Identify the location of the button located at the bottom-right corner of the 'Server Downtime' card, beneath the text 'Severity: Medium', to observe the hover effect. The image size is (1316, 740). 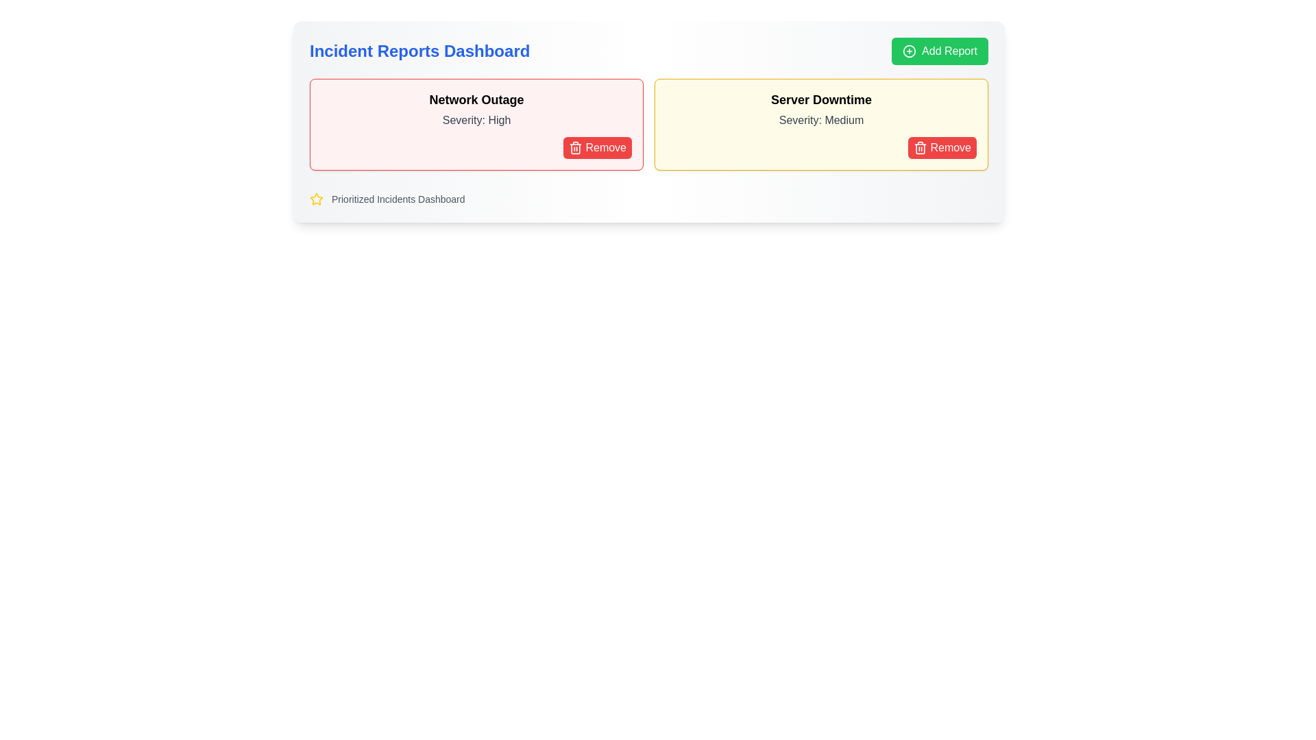
(942, 148).